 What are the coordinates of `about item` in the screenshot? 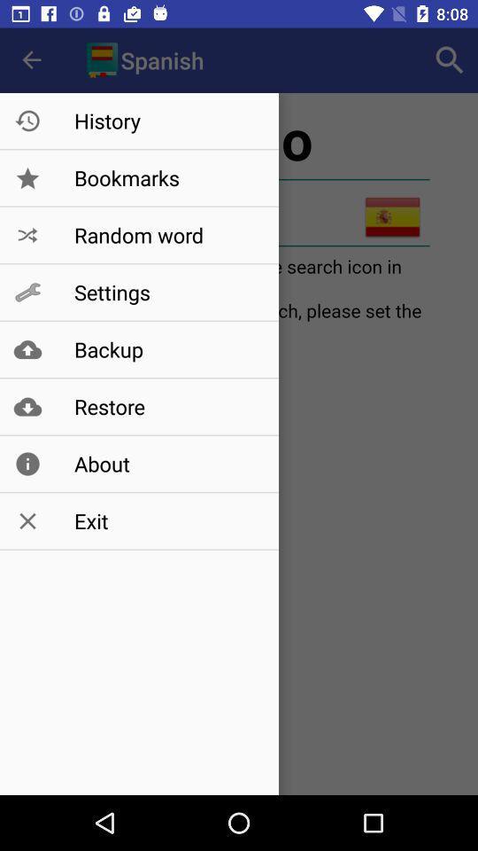 It's located at (167, 463).